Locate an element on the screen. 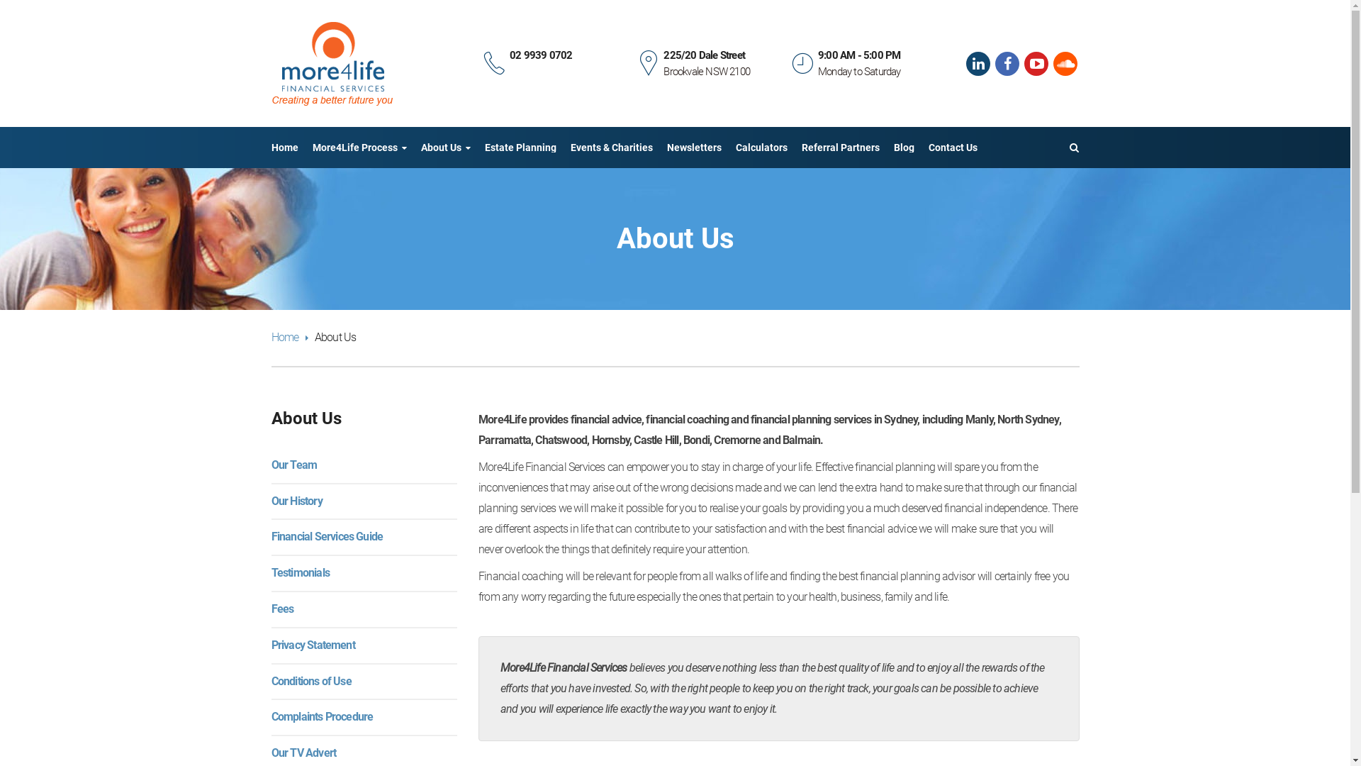 This screenshot has height=766, width=1361. 'Home' is located at coordinates (284, 148).